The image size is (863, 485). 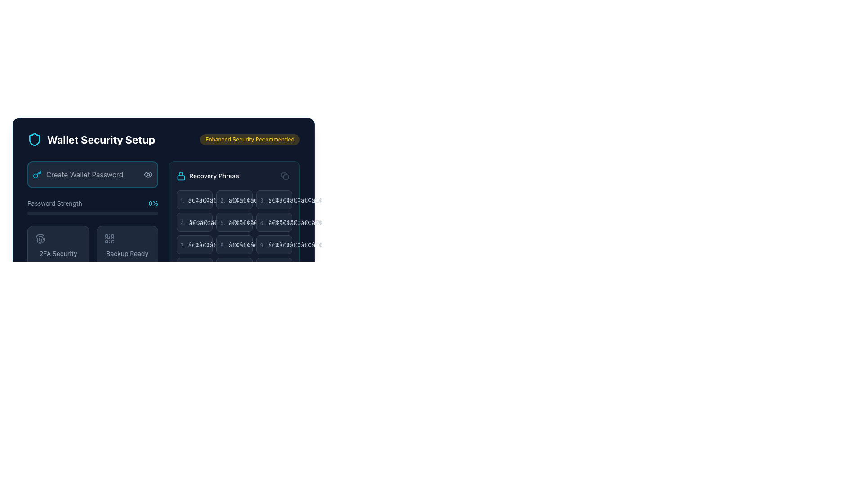 I want to click on the lock icon with a cyan outline associated with 'Recovery Phrase', which is positioned to the left of the text, so click(x=181, y=176).